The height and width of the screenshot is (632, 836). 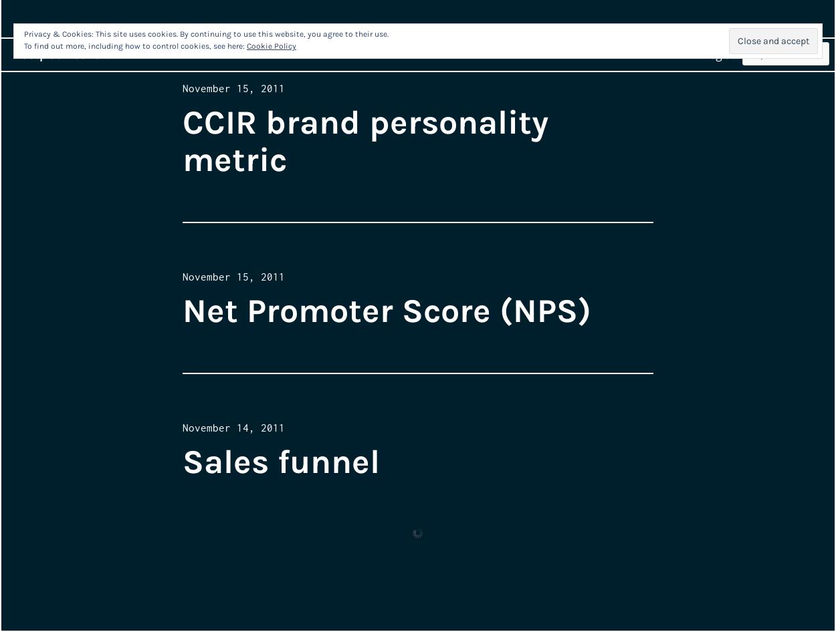 What do you see at coordinates (386, 310) in the screenshot?
I see `'Net Promoter Score (NPS)'` at bounding box center [386, 310].